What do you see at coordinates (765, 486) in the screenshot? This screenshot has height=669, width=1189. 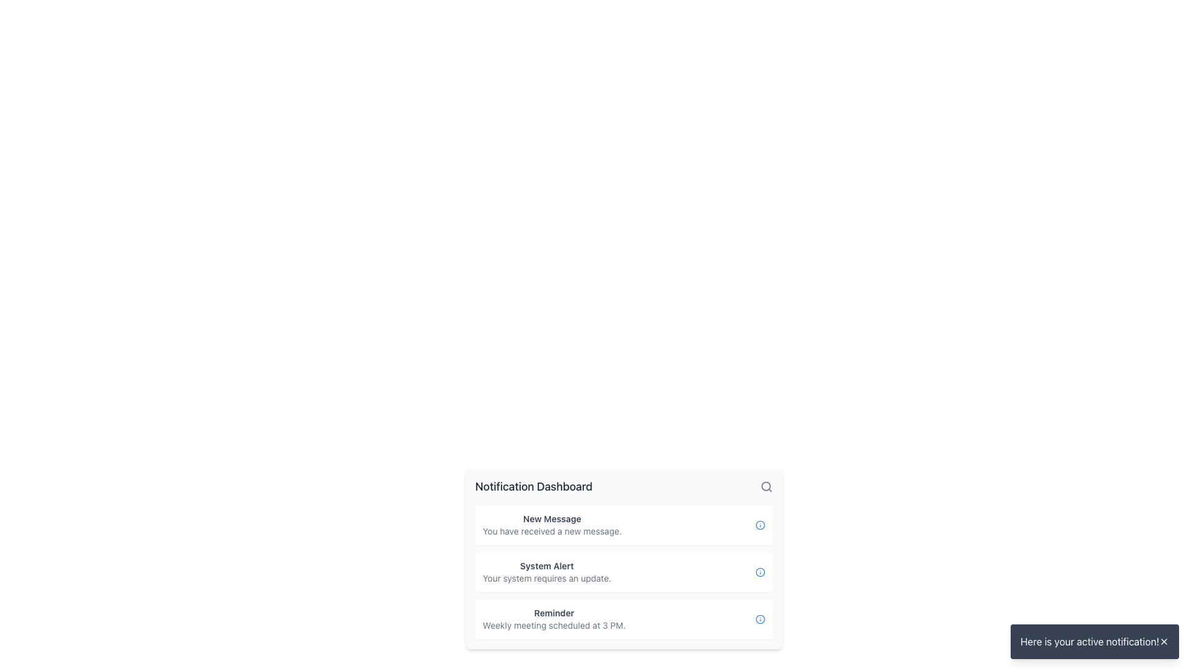 I see `the search icon located in the top-right corner of the 'Notification Dashboard' header to initiate a search` at bounding box center [765, 486].